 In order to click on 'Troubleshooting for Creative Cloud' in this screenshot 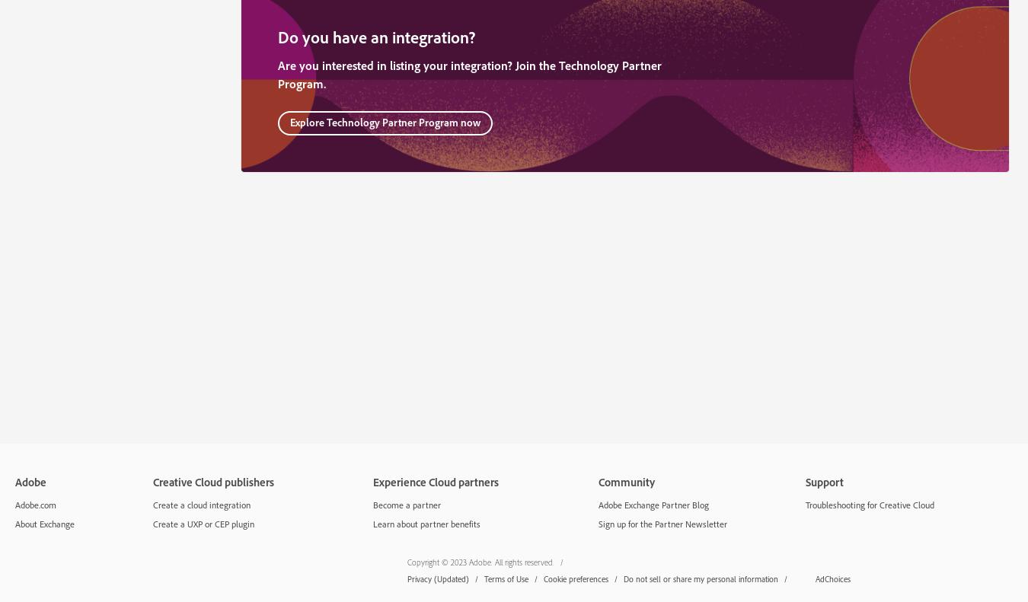, I will do `click(868, 505)`.